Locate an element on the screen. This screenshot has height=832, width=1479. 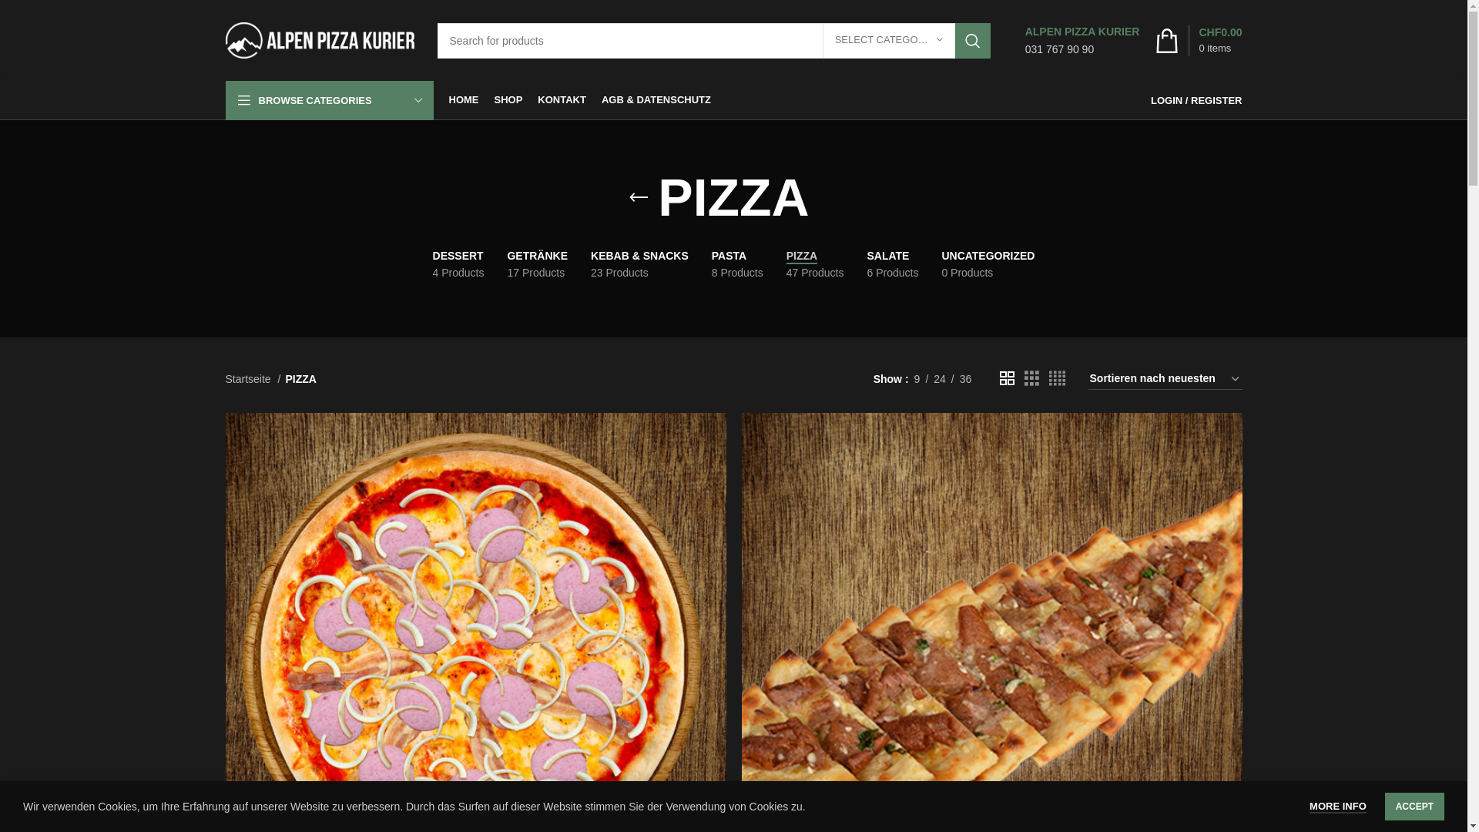
'SELECT CATEGORY' is located at coordinates (888, 39).